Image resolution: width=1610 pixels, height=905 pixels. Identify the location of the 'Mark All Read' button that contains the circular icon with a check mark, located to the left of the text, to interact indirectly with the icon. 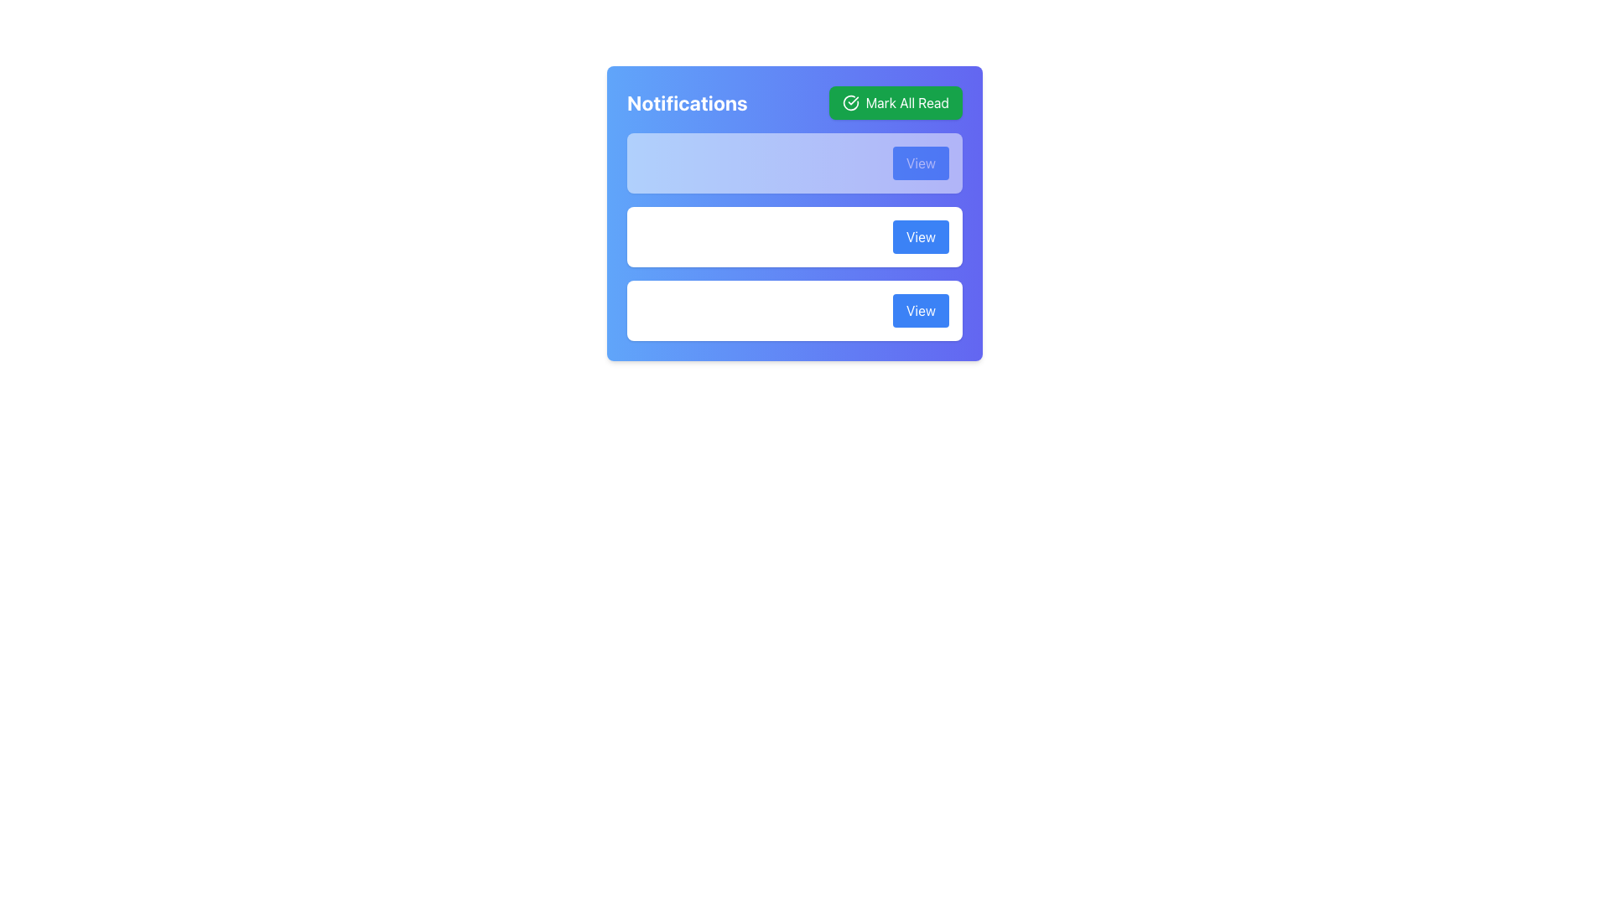
(850, 103).